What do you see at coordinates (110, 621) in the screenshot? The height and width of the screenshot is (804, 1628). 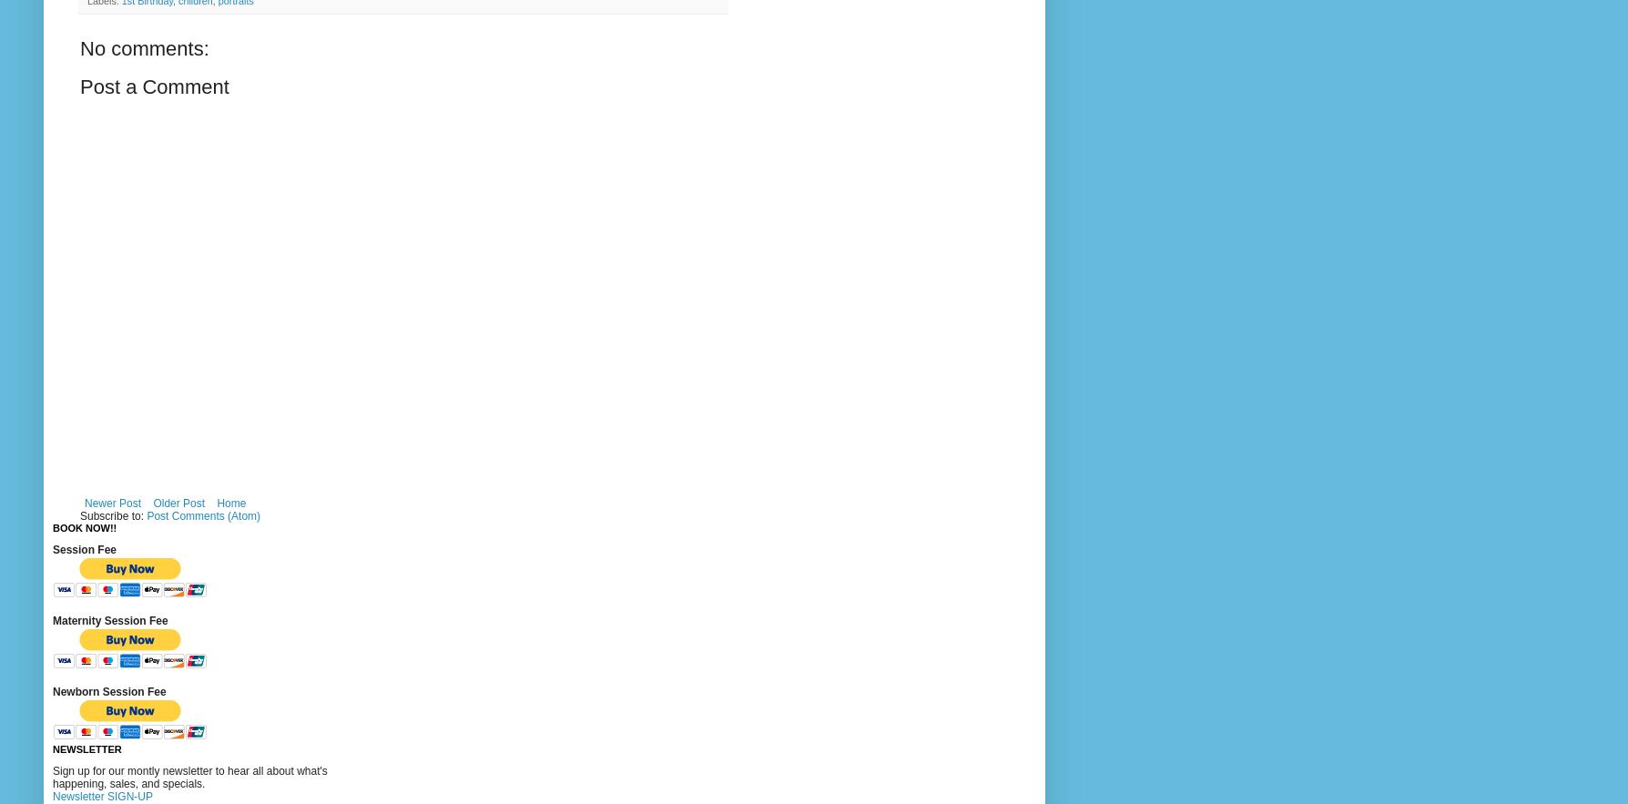 I see `'Maternity Session Fee'` at bounding box center [110, 621].